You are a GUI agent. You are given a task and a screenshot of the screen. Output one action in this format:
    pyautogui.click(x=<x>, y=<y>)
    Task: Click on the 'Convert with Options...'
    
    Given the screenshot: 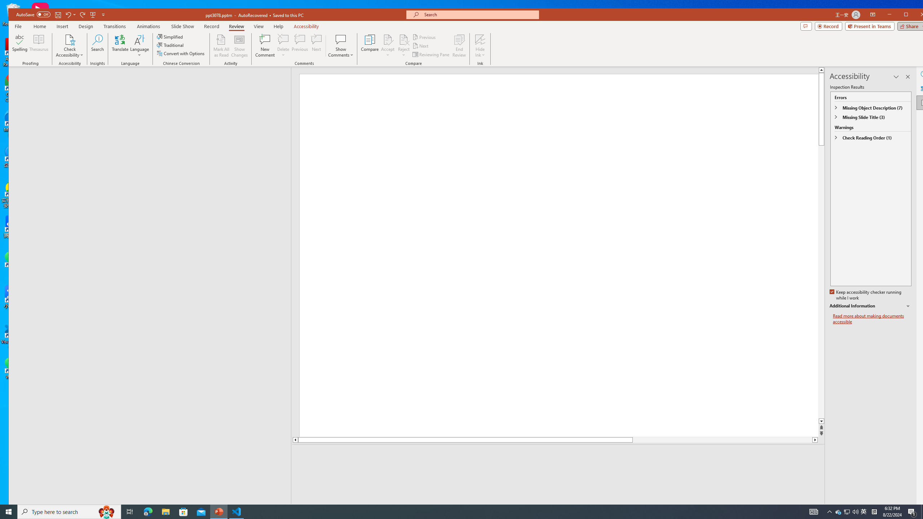 What is the action you would take?
    pyautogui.click(x=181, y=53)
    